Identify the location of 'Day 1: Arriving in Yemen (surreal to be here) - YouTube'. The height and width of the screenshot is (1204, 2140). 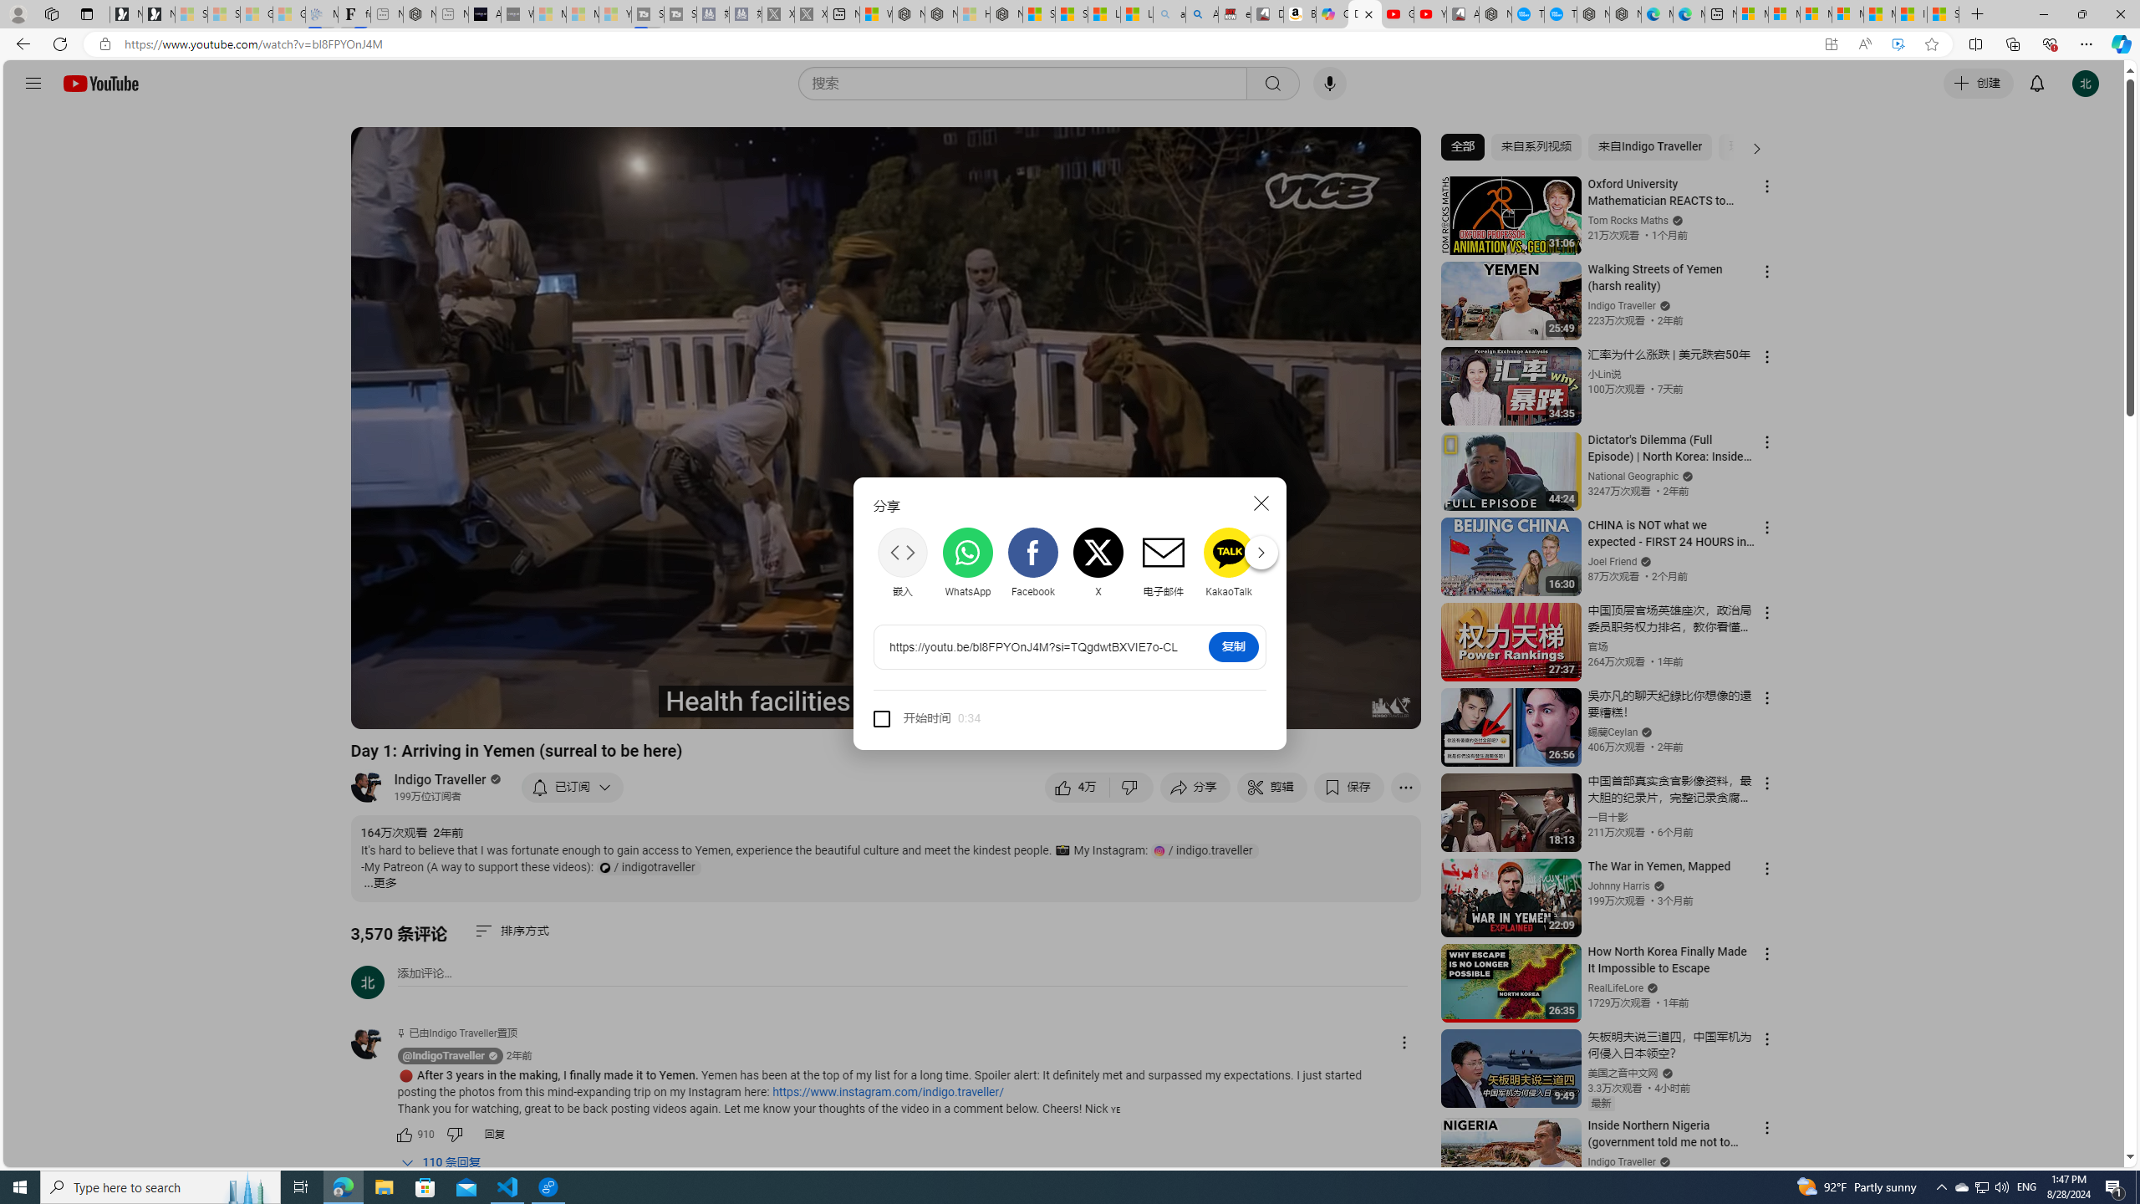
(1364, 13).